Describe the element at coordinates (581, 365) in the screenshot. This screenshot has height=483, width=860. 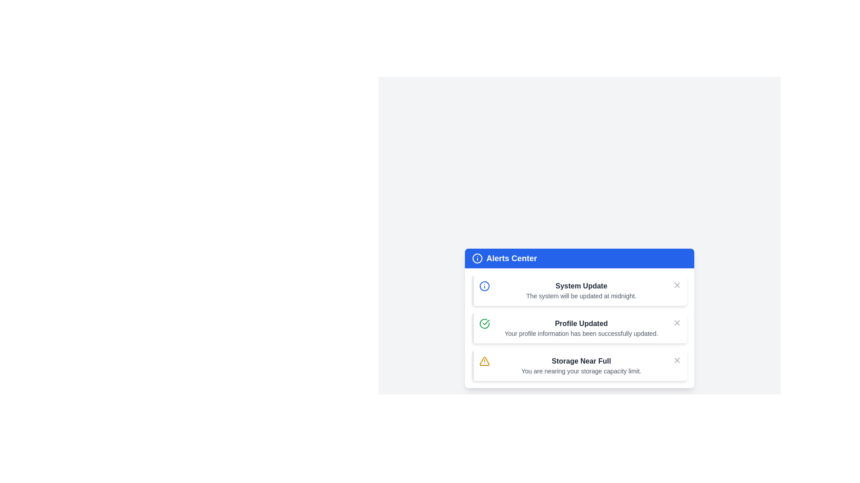
I see `the 'Storage Near Full' warning notification element, which is the third notification in the stack beneath 'Profile Updated' in the 'Alerts Center' interface, identifiable by its yellow warning icon` at that location.